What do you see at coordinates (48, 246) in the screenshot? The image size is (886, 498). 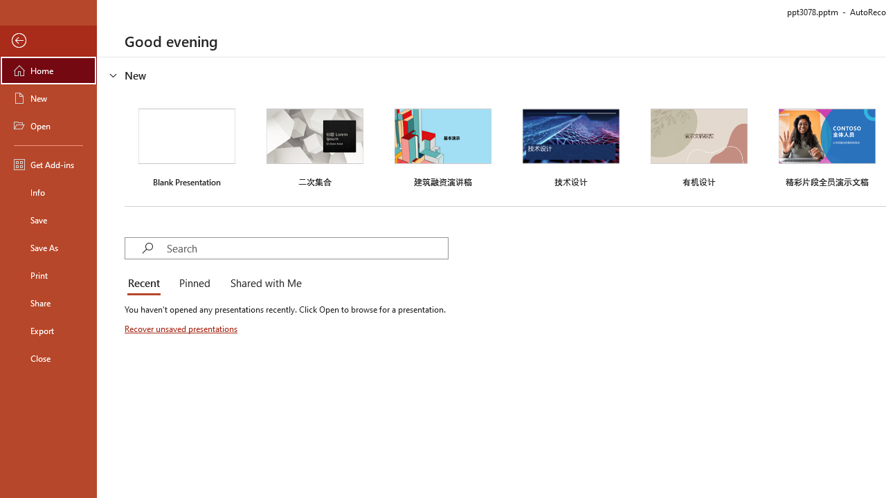 I see `'Save As'` at bounding box center [48, 246].